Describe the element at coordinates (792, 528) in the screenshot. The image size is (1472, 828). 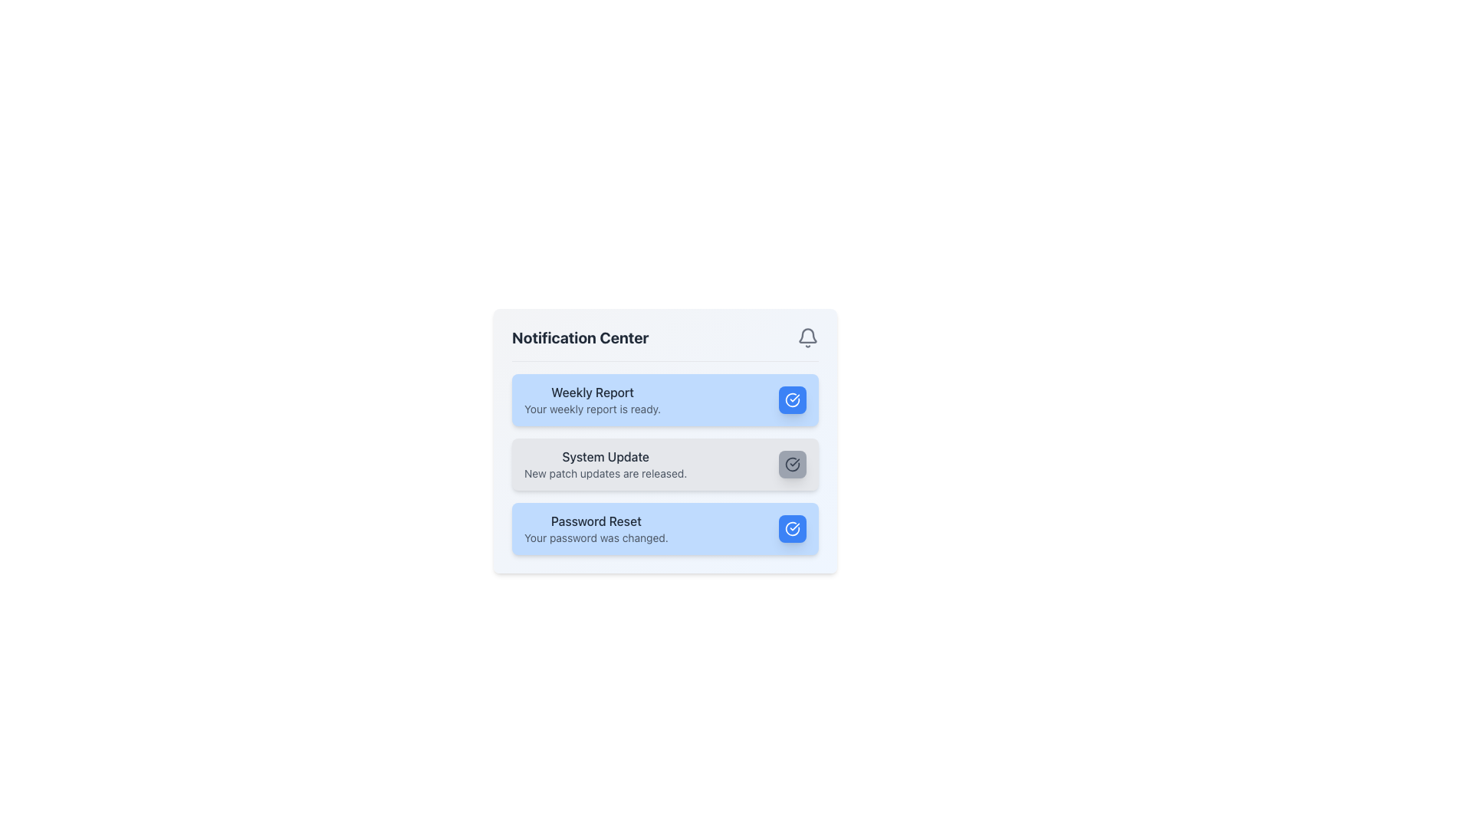
I see `the circular checkmark icon with a blue background inside the 'Password Reset' notification box to confirm the notification` at that location.